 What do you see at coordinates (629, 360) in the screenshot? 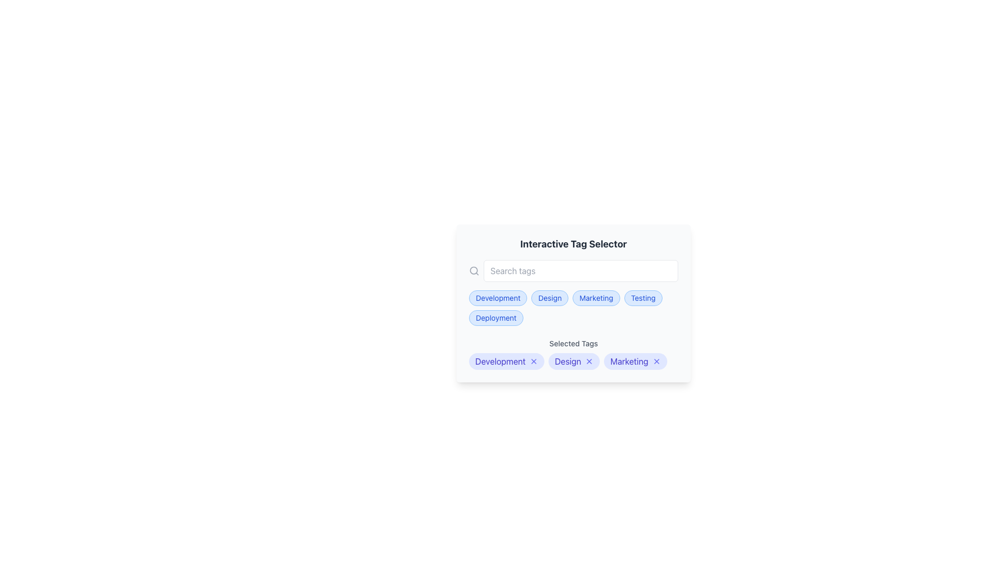
I see `the 'Marketing' tag displayed in the 'Selected Tags' section of the interface` at bounding box center [629, 360].